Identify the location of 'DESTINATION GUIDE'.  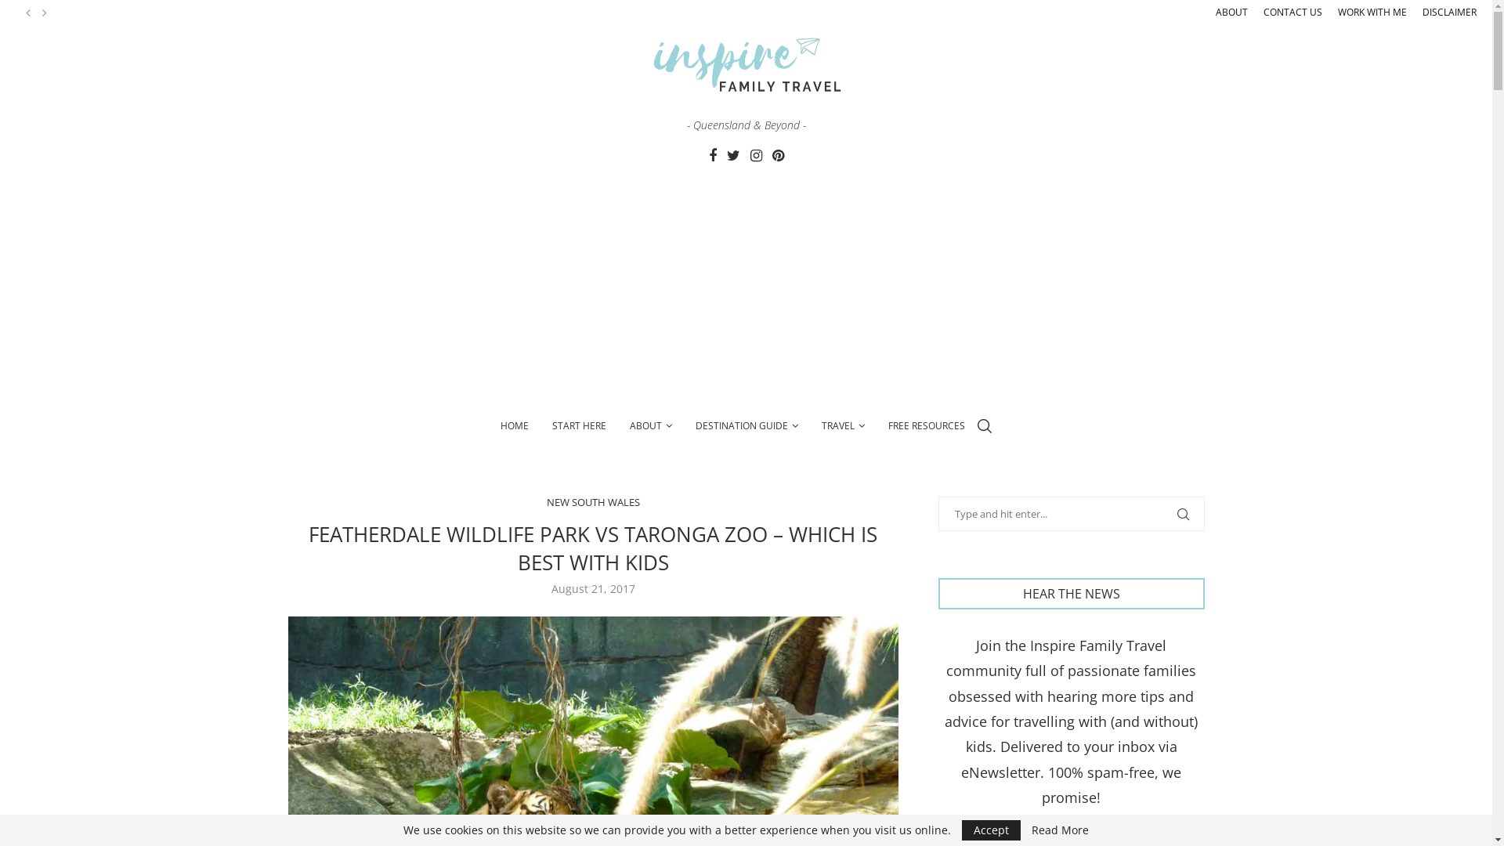
(746, 425).